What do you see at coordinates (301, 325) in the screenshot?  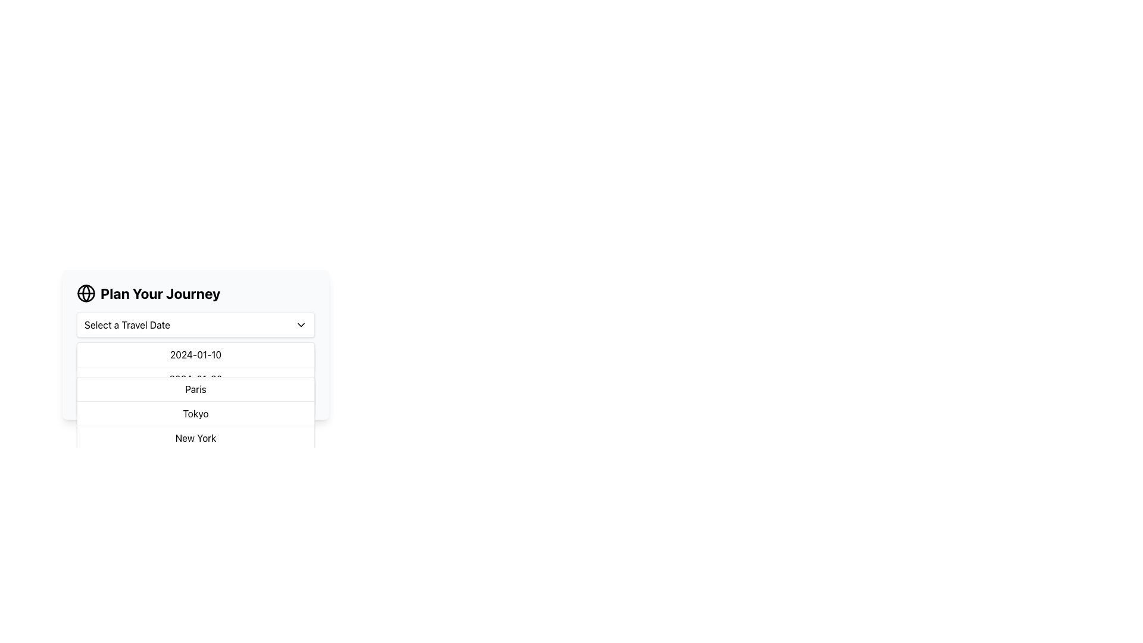 I see `the downward-pointing chevron icon located to the right side of the 'Select a Travel Date' text box` at bounding box center [301, 325].